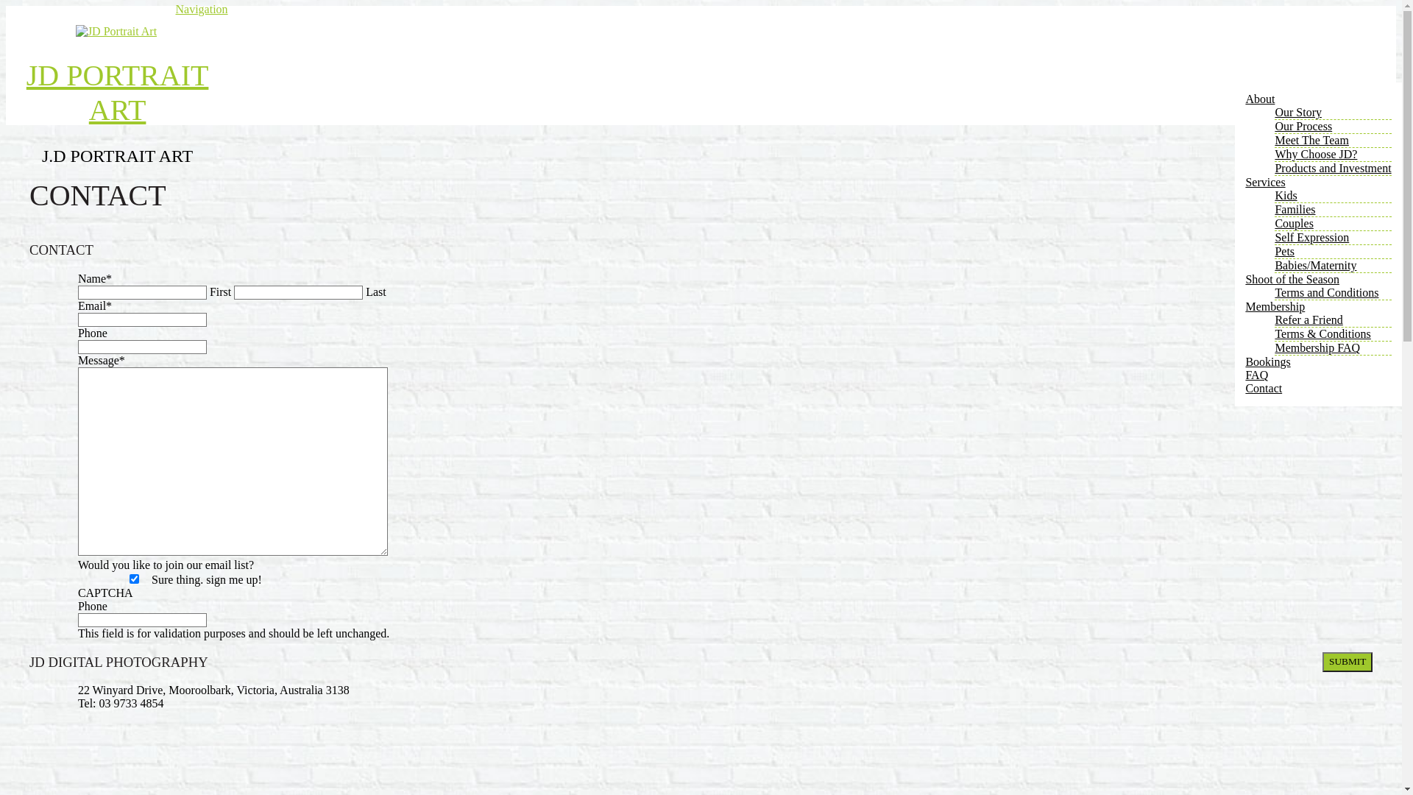  Describe the element at coordinates (116, 31) in the screenshot. I see `'Treat yourself...'` at that location.